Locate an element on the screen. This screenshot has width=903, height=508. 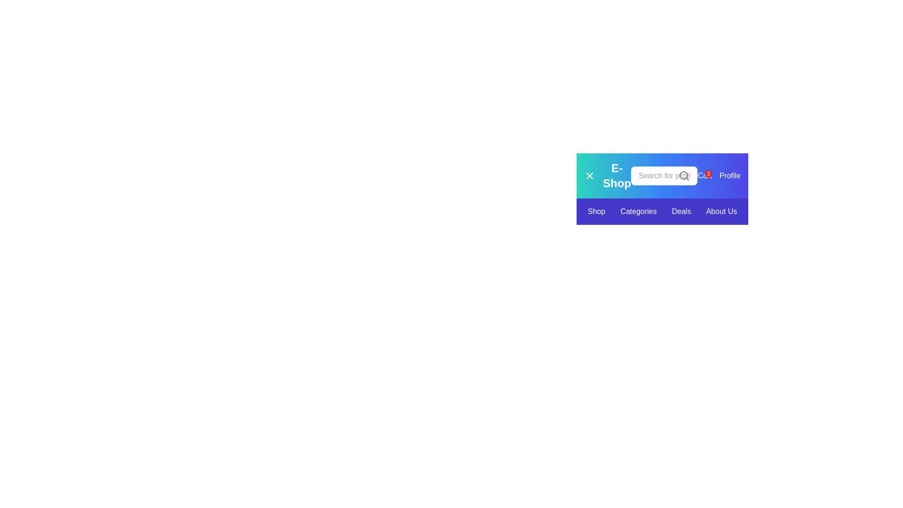
the hyperlink located centrally in the navigation bar, positioned to the right of the 'Shop' link and to the left of the 'Deals' link is located at coordinates (638, 211).